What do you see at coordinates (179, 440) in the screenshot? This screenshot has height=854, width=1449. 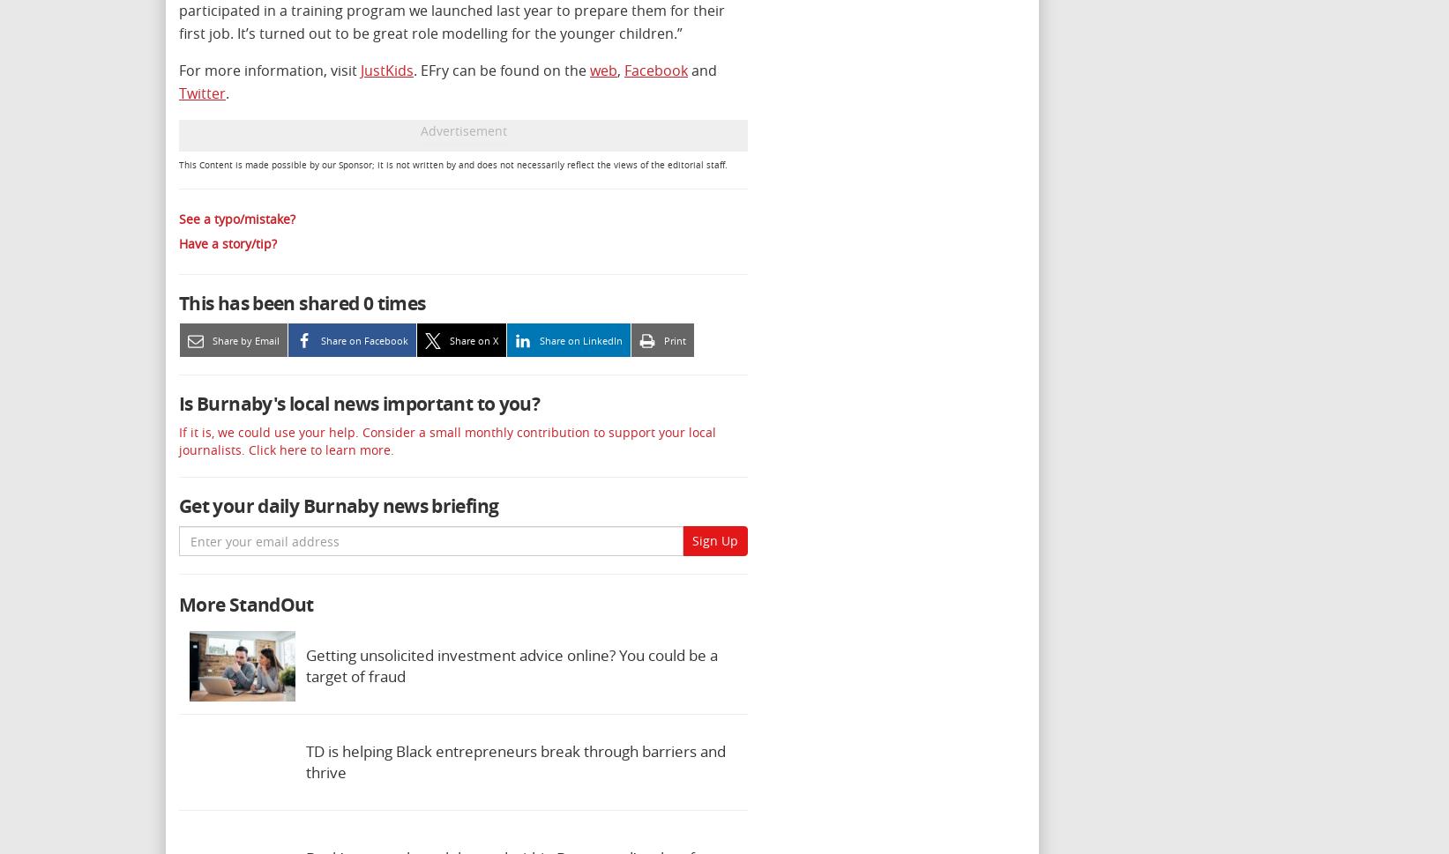 I see `'If it is, we could use your help. Consider a small monthly contribution to support your local journalists. Click here to learn more.'` at bounding box center [179, 440].